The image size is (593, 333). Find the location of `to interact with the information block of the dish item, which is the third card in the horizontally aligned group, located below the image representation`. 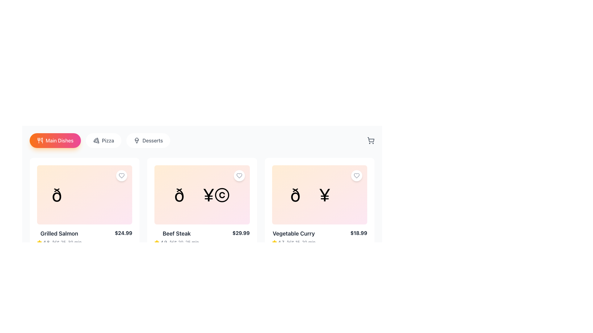

to interact with the information block of the dish item, which is the third card in the horizontally aligned group, located below the image representation is located at coordinates (319, 237).